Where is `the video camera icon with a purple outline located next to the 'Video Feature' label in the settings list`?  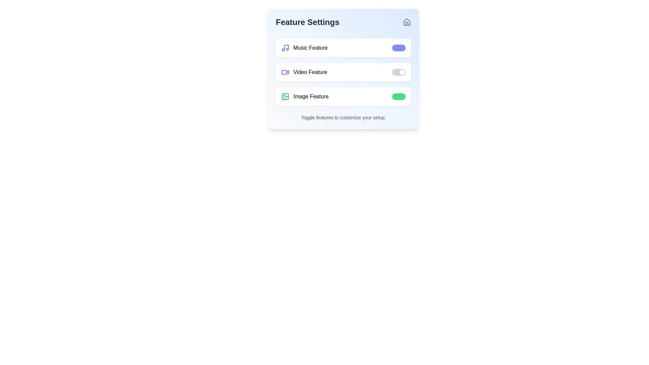 the video camera icon with a purple outline located next to the 'Video Feature' label in the settings list is located at coordinates (285, 72).